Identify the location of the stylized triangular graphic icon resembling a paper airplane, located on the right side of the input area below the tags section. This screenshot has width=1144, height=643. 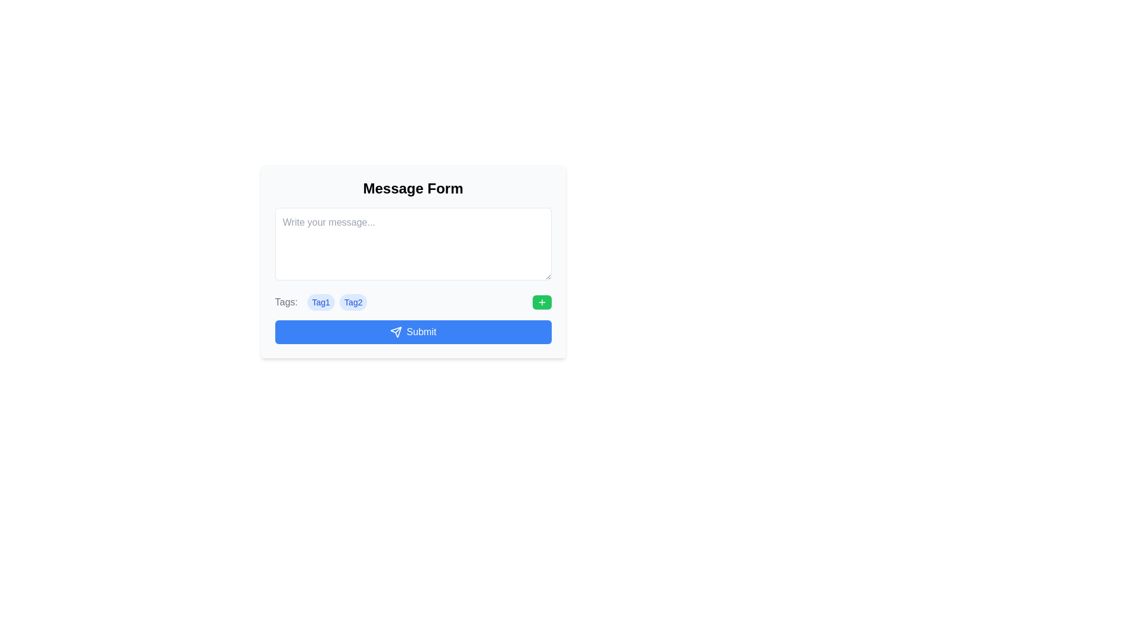
(396, 332).